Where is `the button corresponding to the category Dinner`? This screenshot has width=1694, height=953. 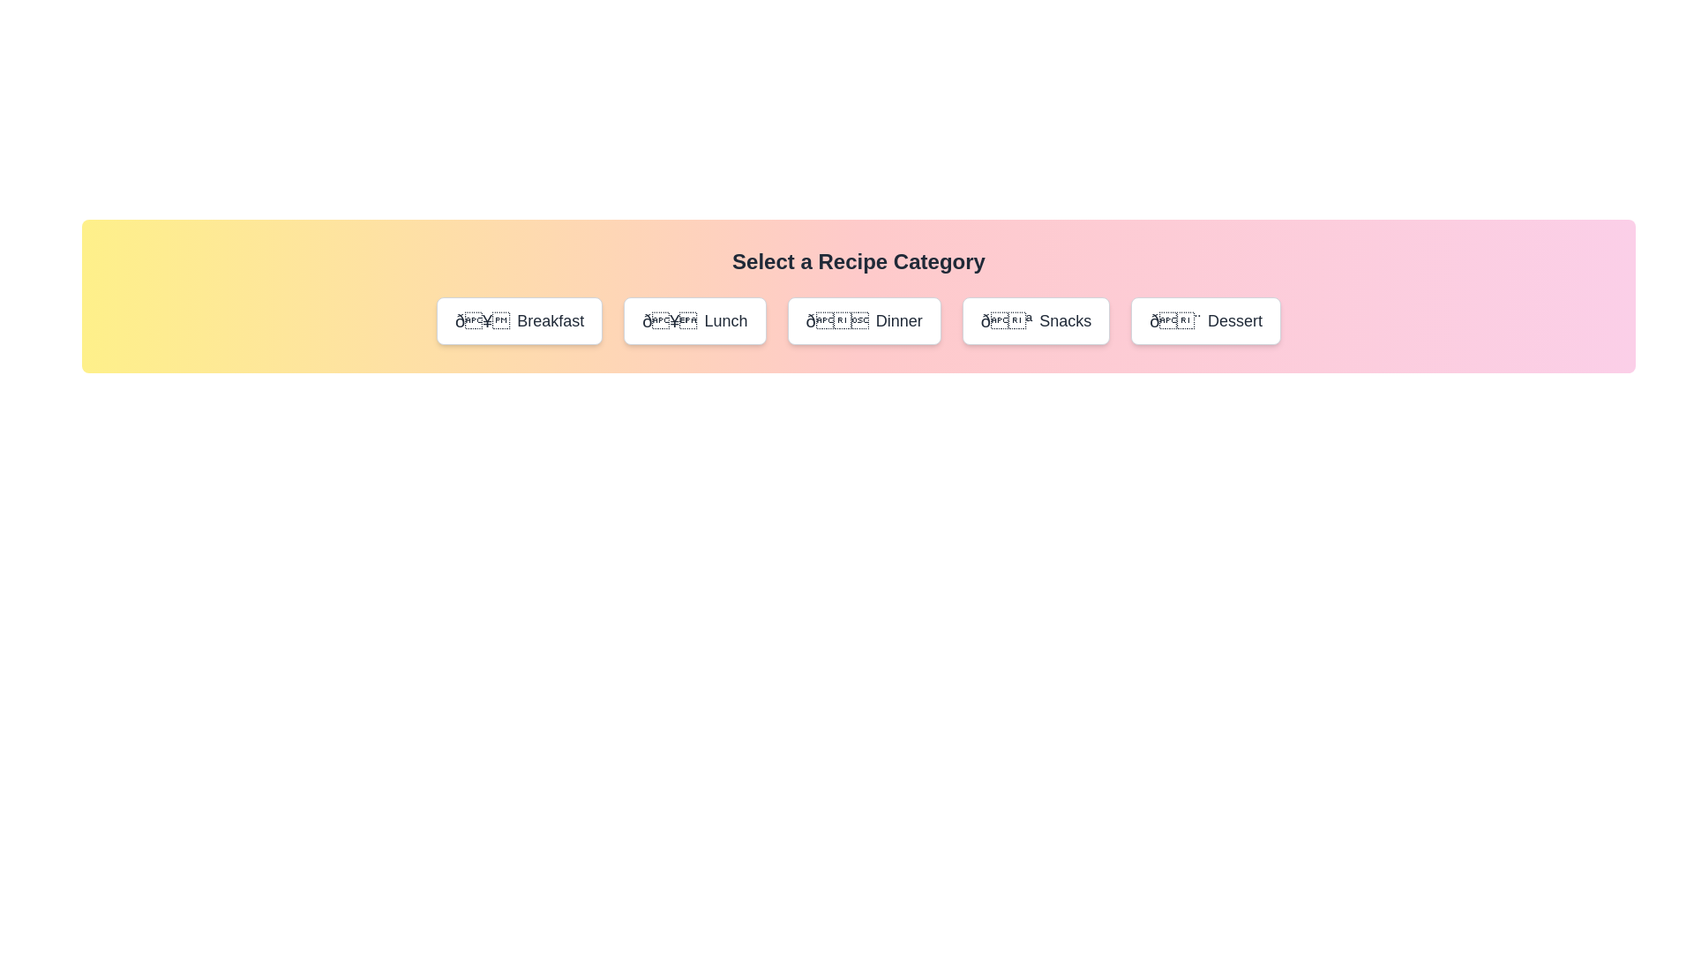
the button corresponding to the category Dinner is located at coordinates (864, 320).